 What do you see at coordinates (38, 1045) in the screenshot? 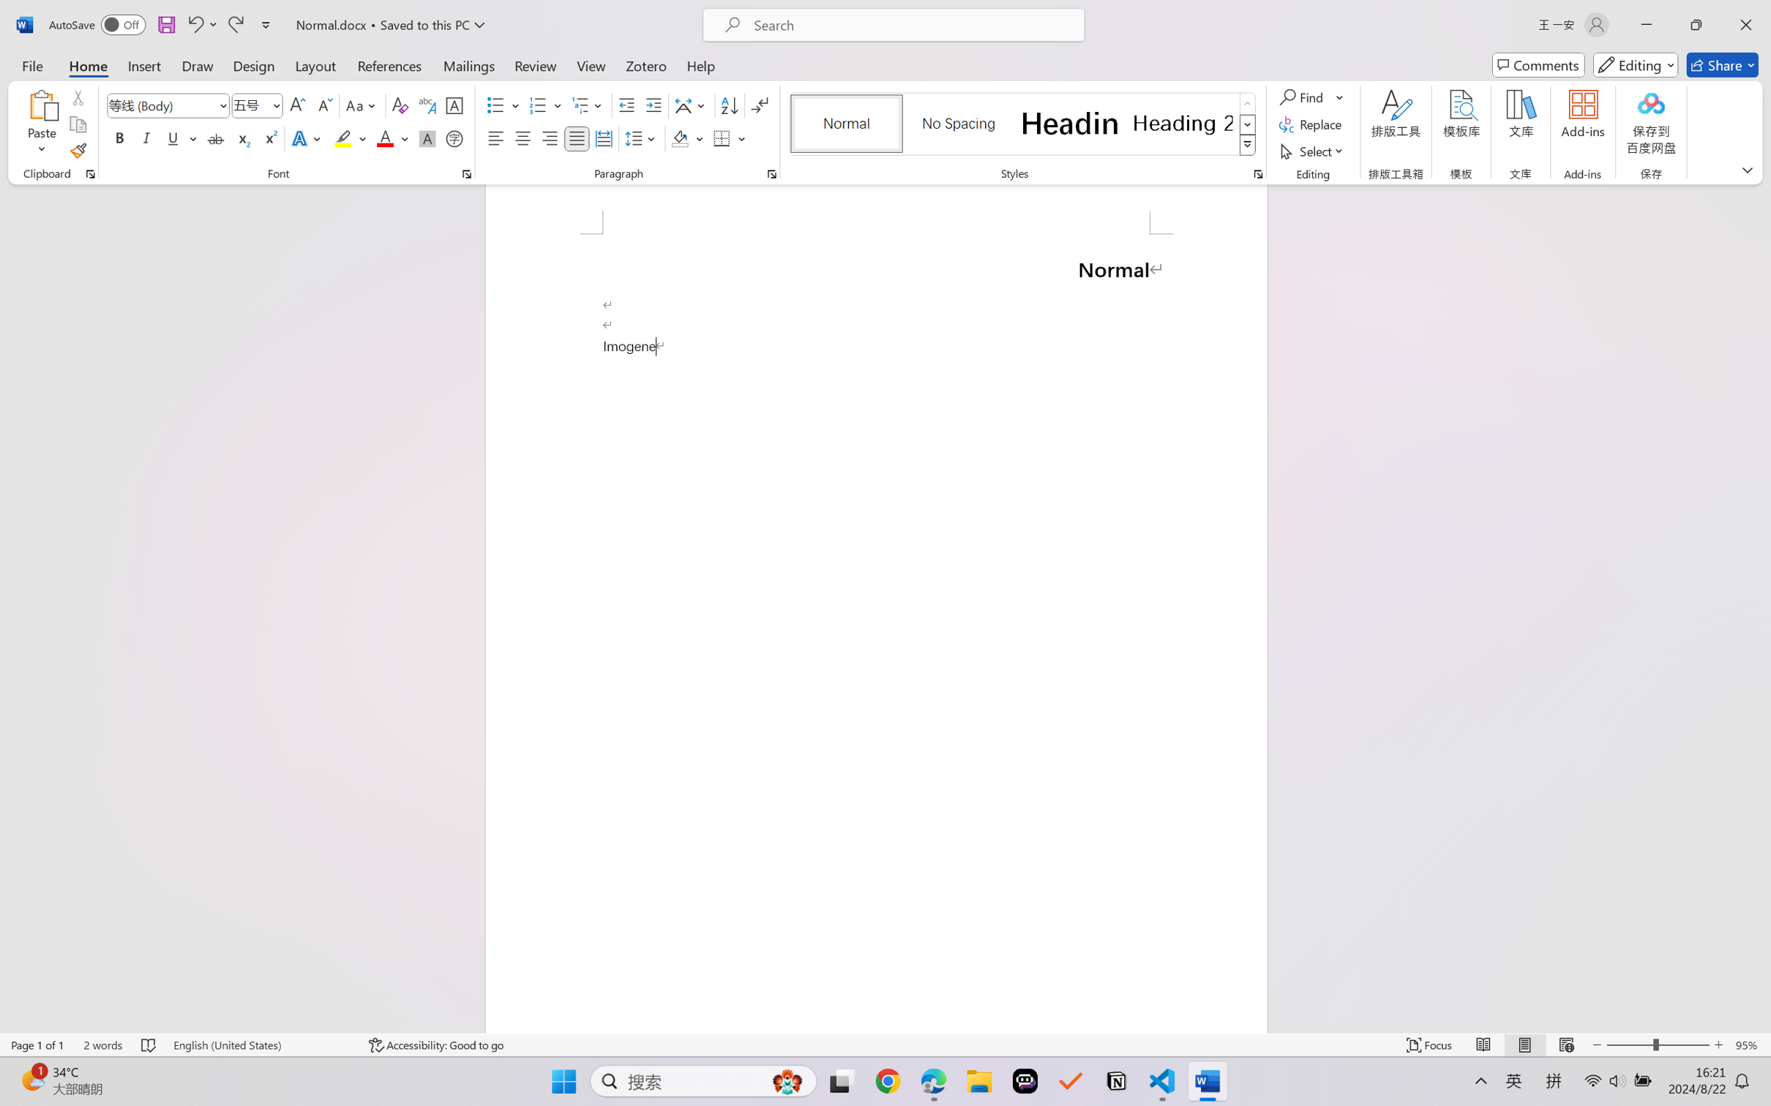
I see `'Page Number Page 1 of 1'` at bounding box center [38, 1045].